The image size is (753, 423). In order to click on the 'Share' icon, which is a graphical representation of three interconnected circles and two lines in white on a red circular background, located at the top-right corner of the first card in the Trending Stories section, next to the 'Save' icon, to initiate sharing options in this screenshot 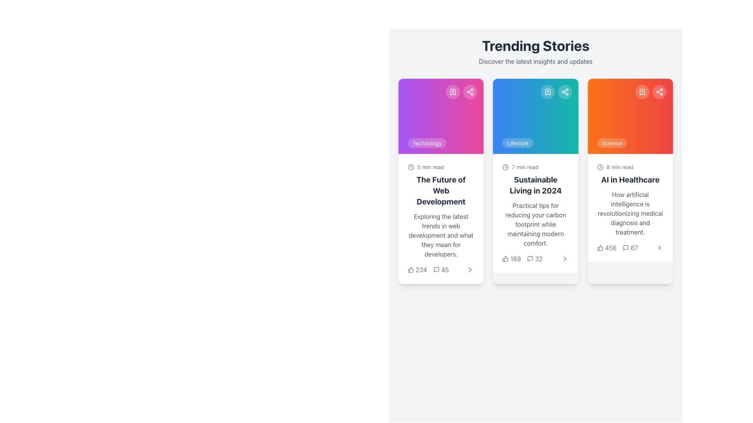, I will do `click(659, 92)`.